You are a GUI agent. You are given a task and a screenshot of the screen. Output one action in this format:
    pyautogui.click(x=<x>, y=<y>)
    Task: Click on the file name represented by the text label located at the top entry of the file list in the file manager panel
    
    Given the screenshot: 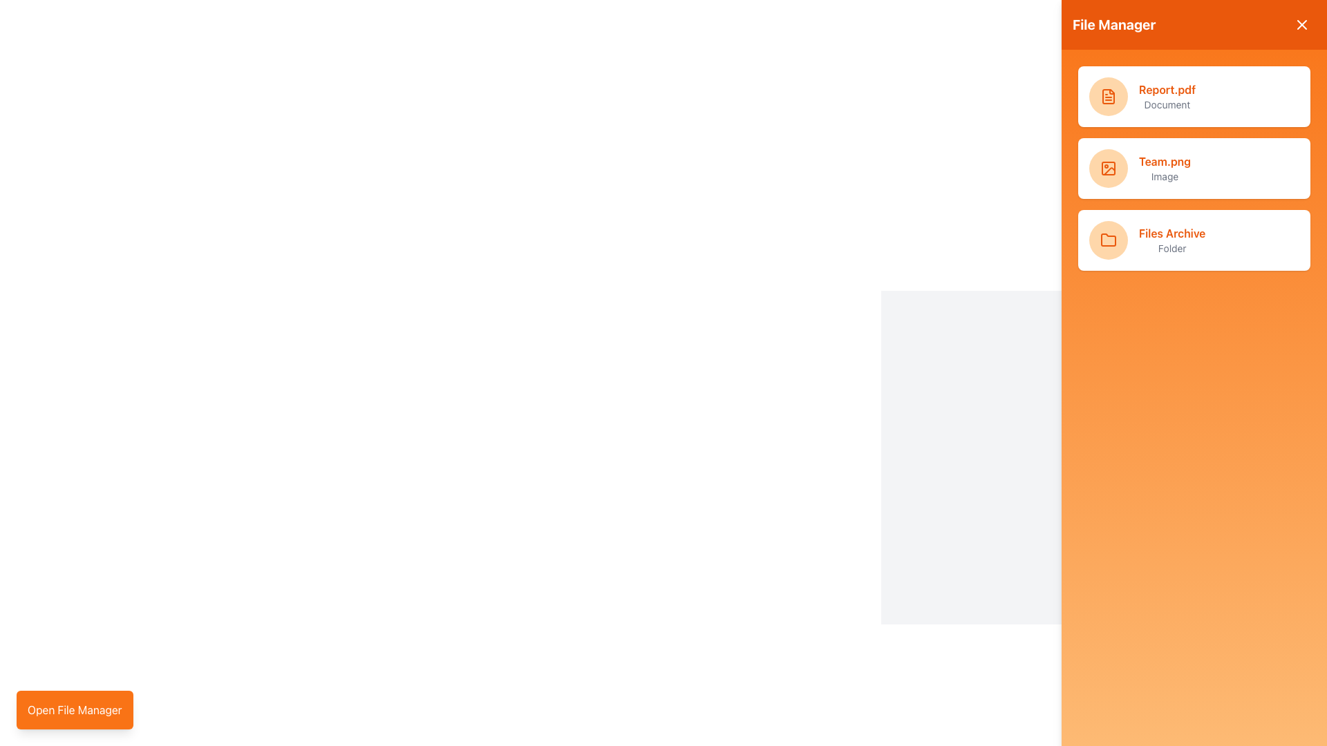 What is the action you would take?
    pyautogui.click(x=1167, y=90)
    